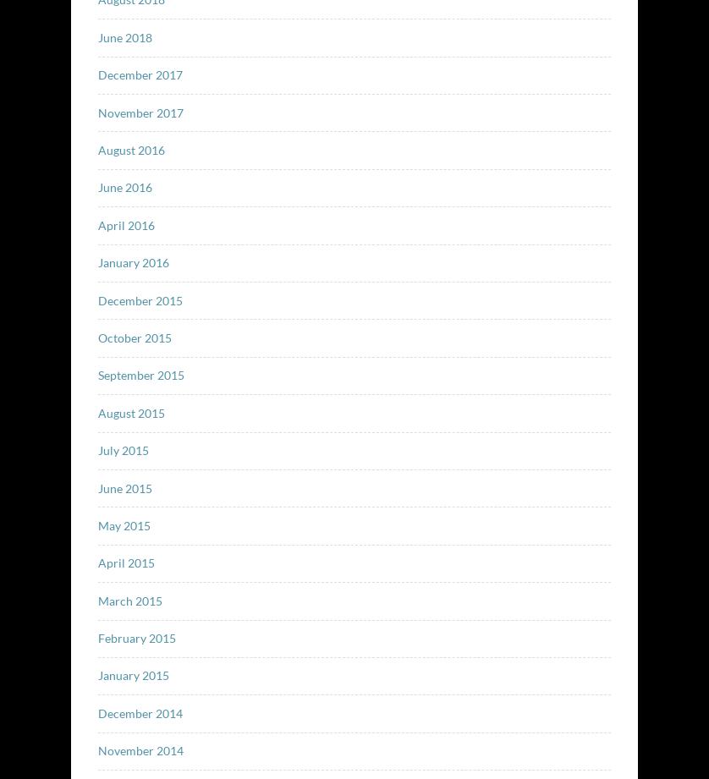  Describe the element at coordinates (96, 711) in the screenshot. I see `'December 2014'` at that location.